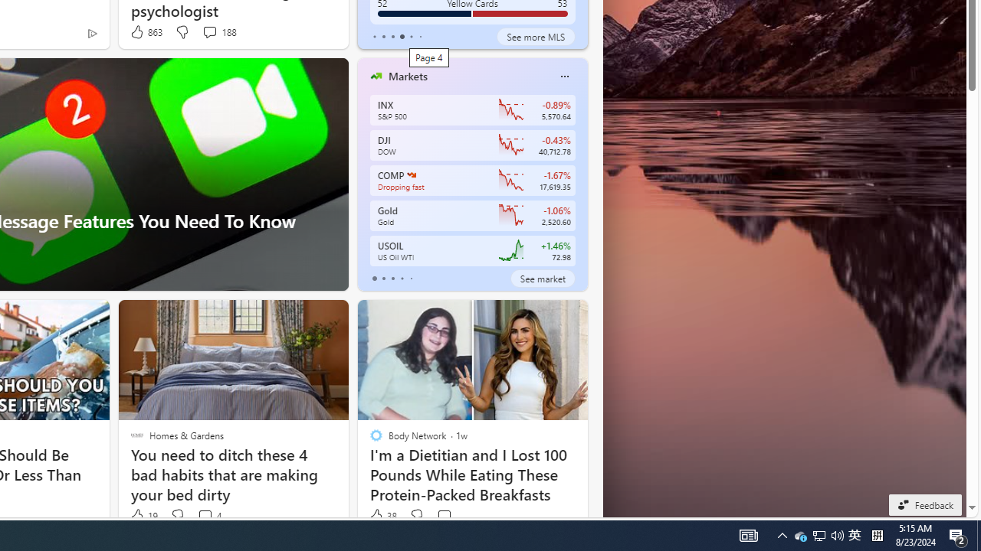  I want to click on 'View comments 188 Comment', so click(208, 31).